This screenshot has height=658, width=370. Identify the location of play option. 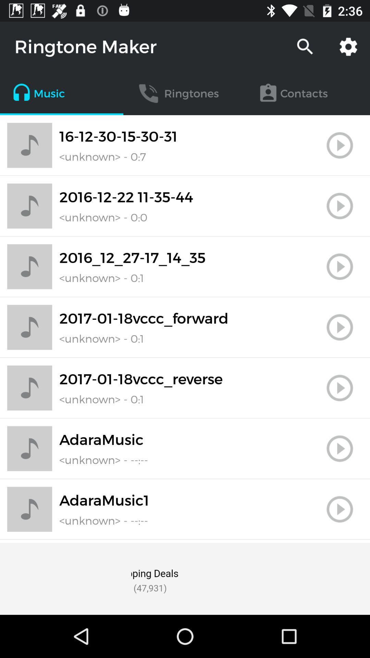
(340, 509).